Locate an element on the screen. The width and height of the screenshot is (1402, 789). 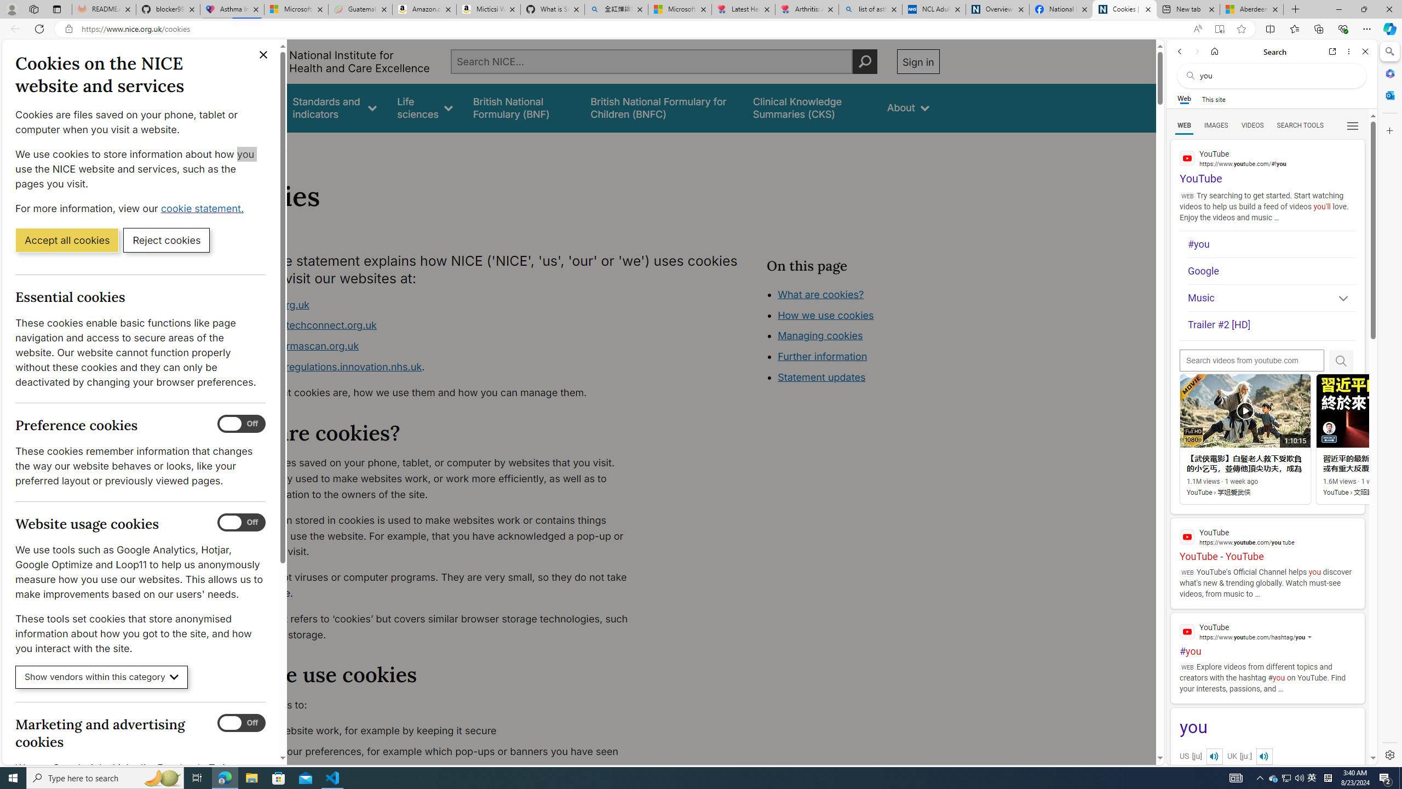
'Reject cookies' is located at coordinates (166, 239).